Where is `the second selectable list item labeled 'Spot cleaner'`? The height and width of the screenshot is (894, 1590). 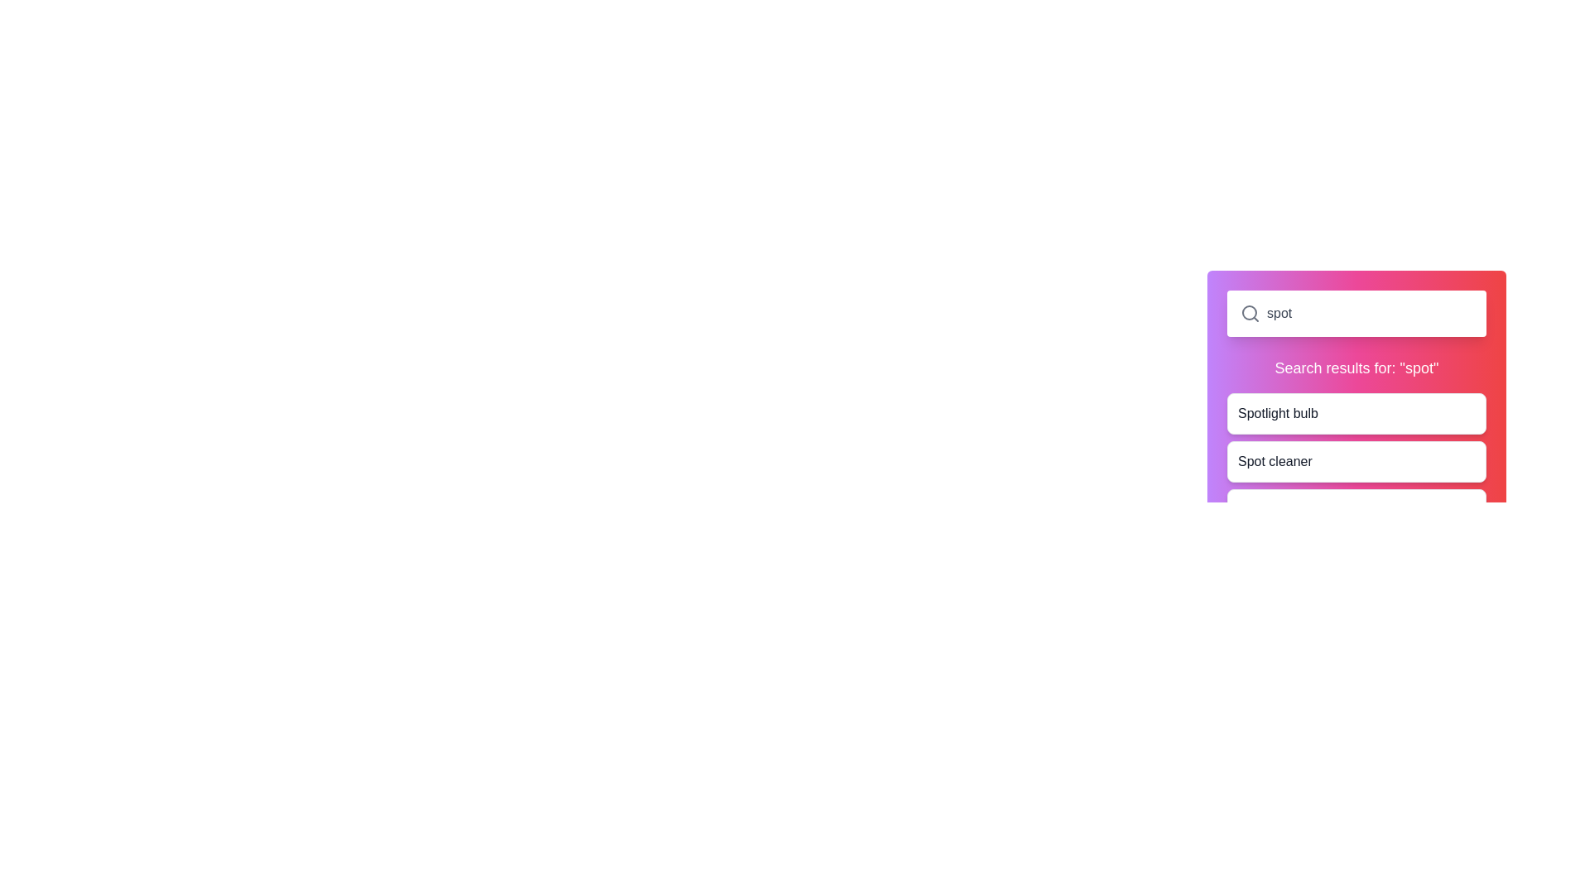 the second selectable list item labeled 'Spot cleaner' is located at coordinates (1356, 462).